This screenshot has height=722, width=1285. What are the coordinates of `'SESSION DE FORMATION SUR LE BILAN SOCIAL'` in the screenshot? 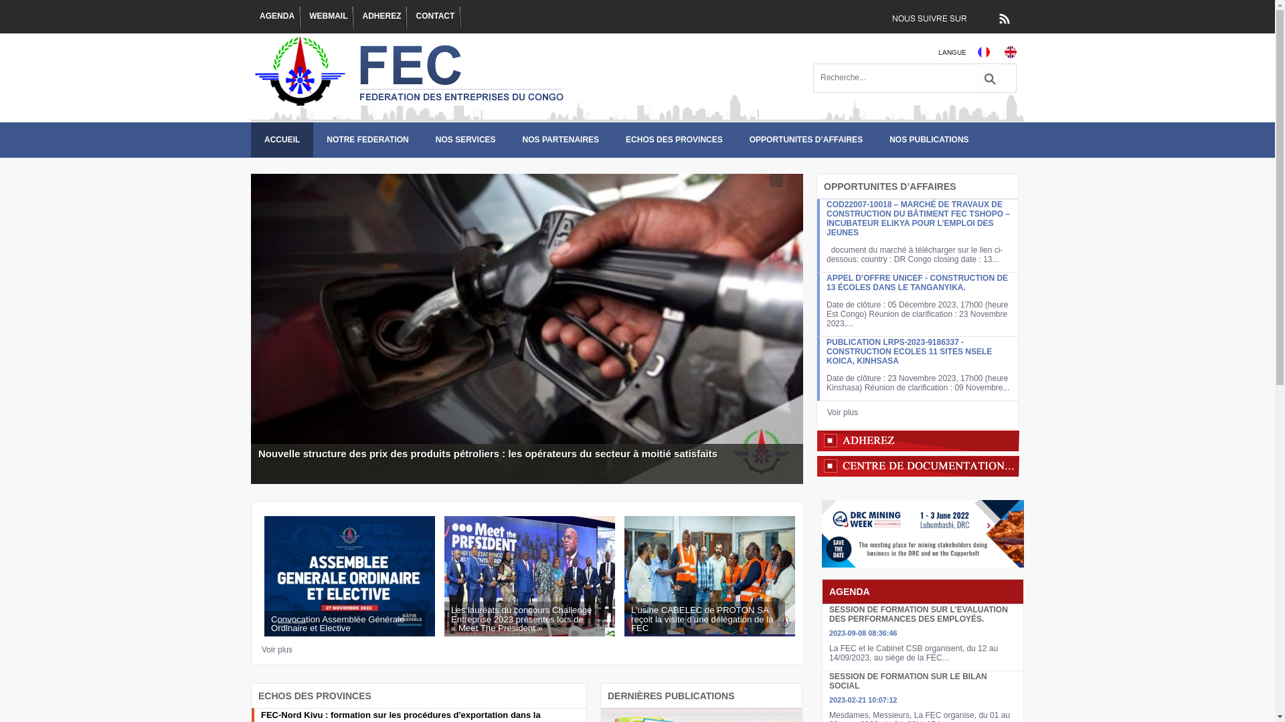 It's located at (908, 681).